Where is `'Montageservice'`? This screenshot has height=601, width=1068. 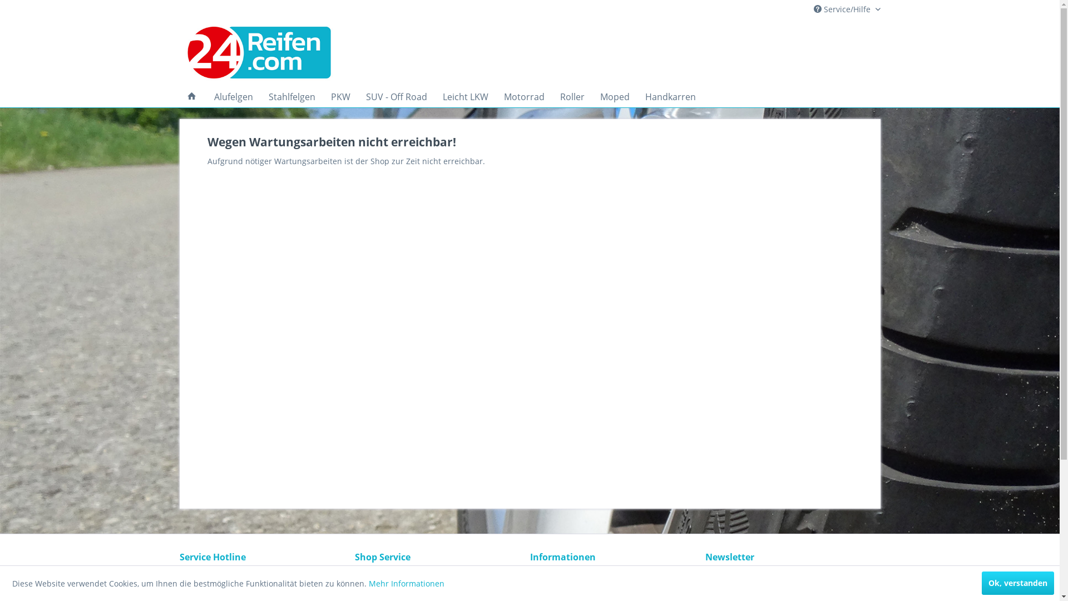
'Montageservice' is located at coordinates (439, 589).